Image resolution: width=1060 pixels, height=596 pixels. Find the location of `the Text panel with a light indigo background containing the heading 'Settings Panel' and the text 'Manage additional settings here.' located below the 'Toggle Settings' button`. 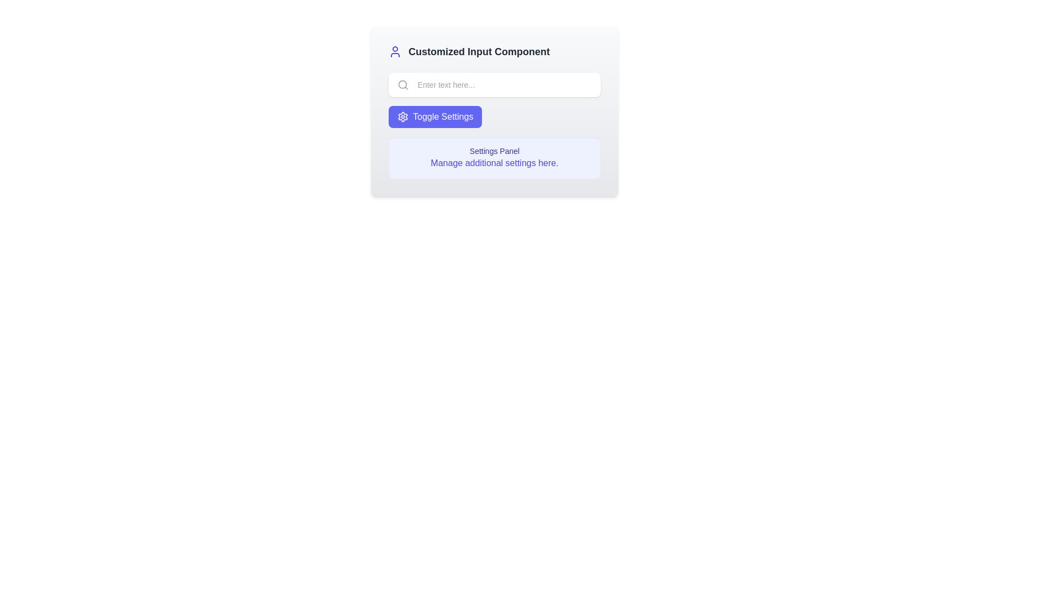

the Text panel with a light indigo background containing the heading 'Settings Panel' and the text 'Manage additional settings here.' located below the 'Toggle Settings' button is located at coordinates (494, 157).